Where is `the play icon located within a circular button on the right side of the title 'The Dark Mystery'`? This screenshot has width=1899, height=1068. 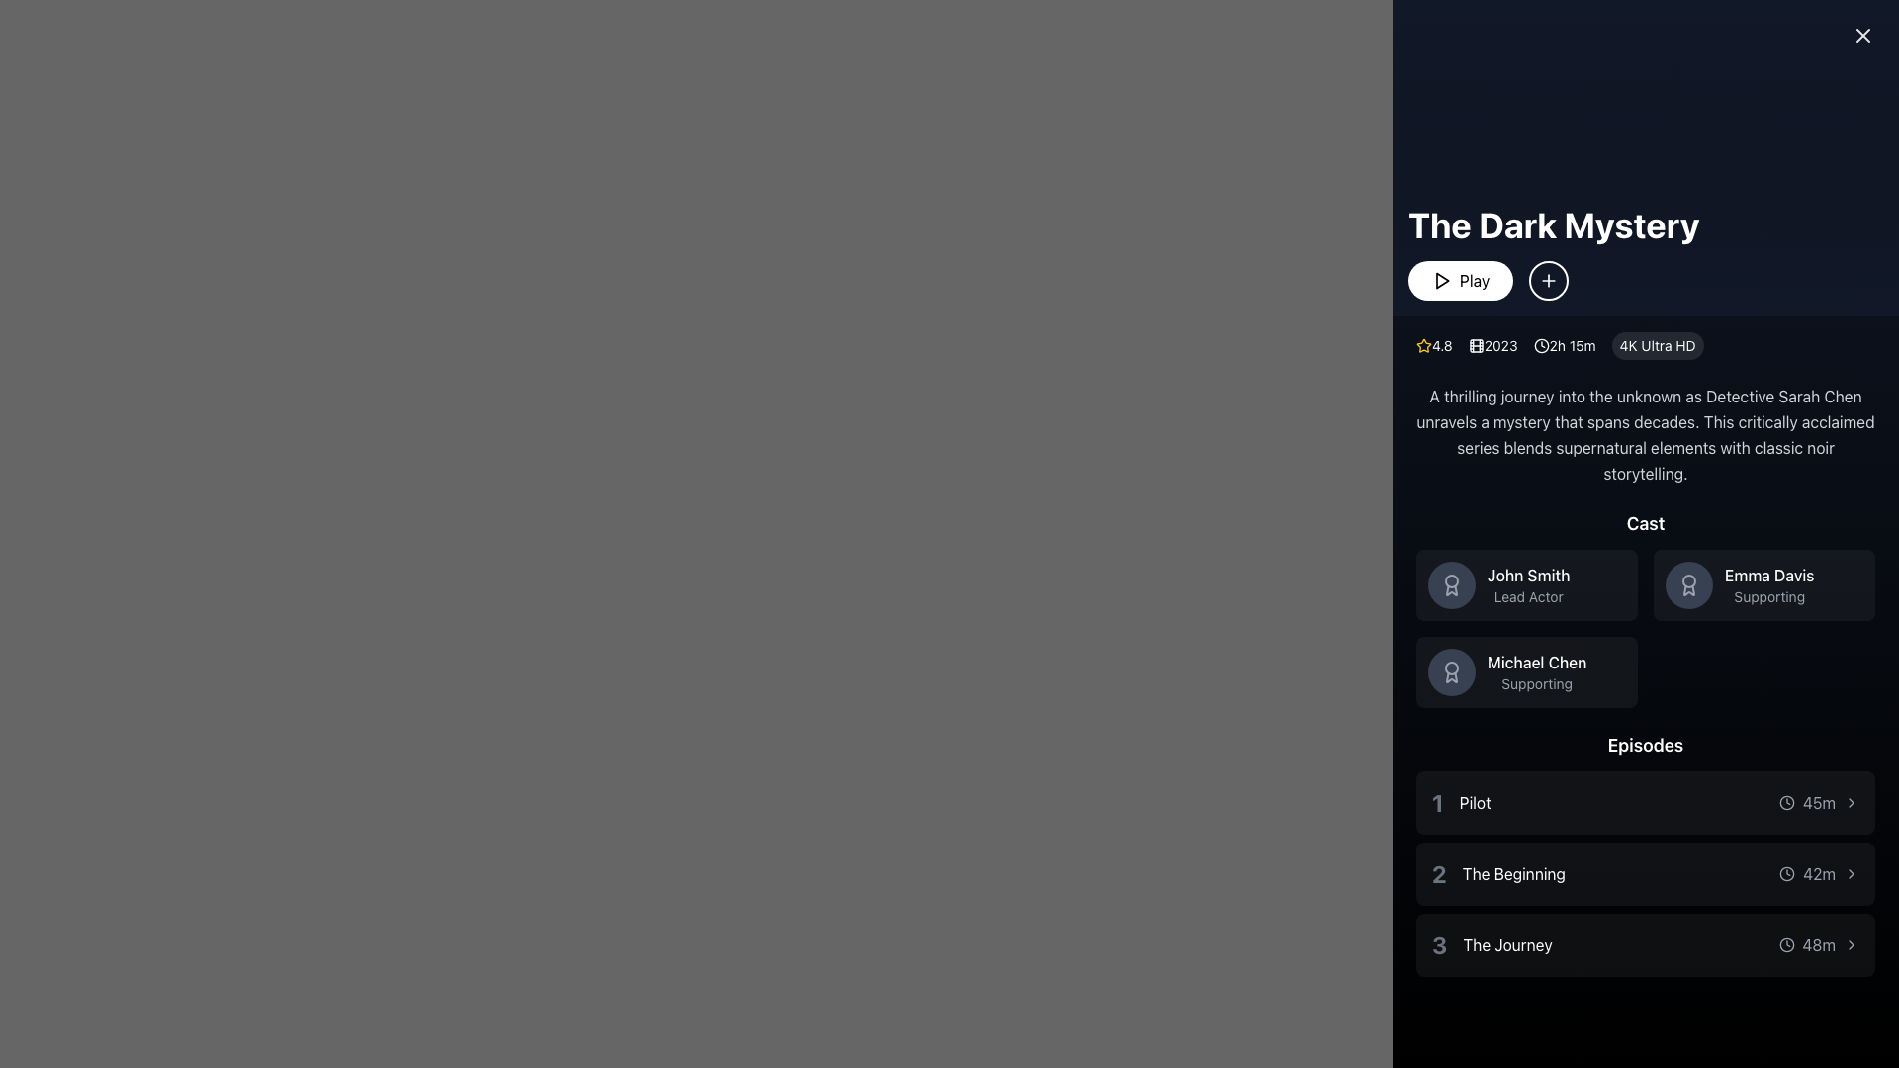
the play icon located within a circular button on the right side of the title 'The Dark Mystery' is located at coordinates (1442, 281).